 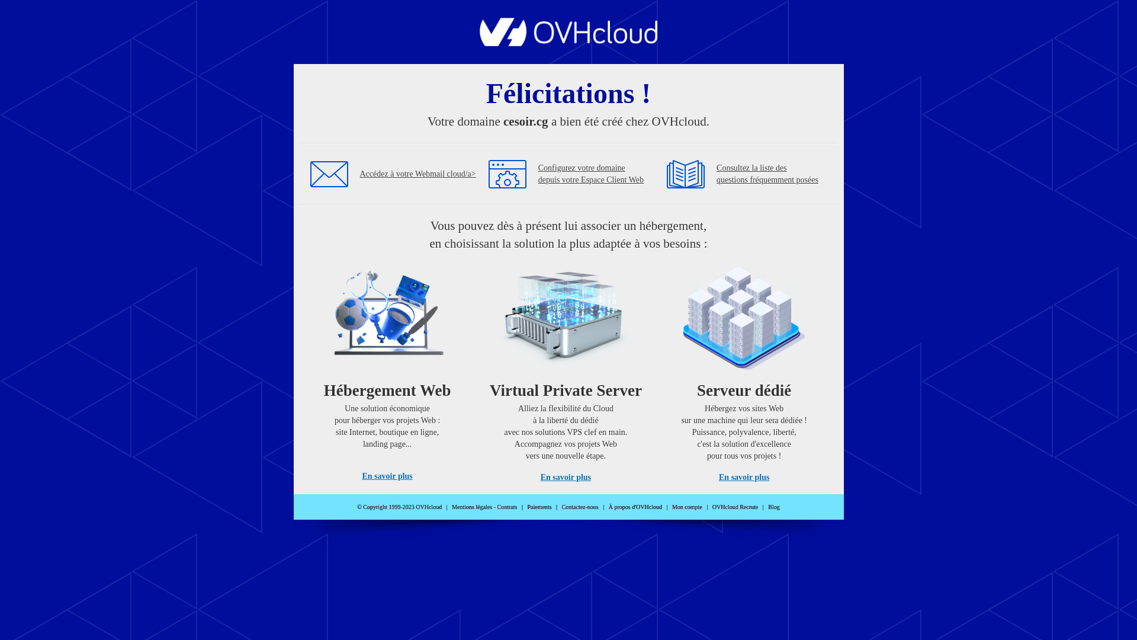 I want to click on 'Paiements', so click(x=538, y=507).